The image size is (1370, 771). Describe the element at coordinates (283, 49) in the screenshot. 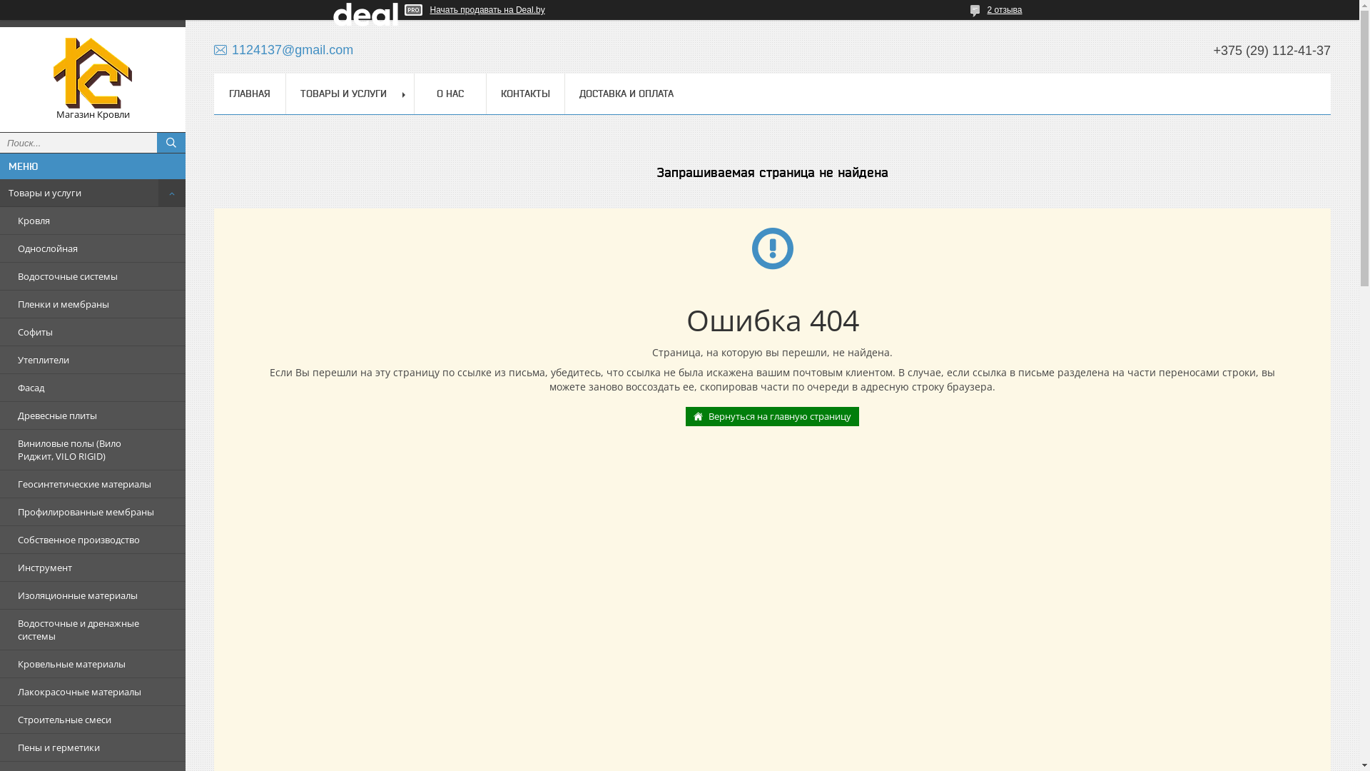

I see `'1124137@gmail.com'` at that location.